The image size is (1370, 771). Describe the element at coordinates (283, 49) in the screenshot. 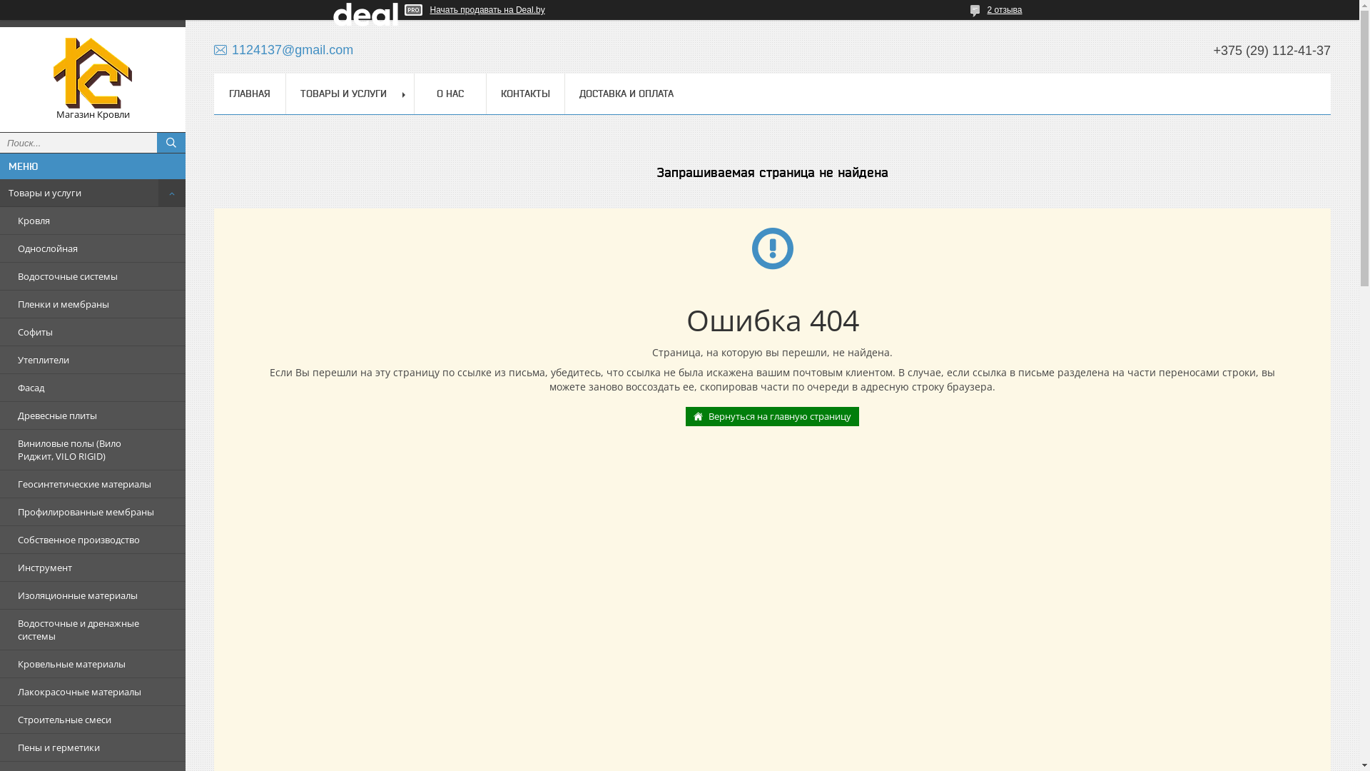

I see `'1124137@gmail.com'` at that location.